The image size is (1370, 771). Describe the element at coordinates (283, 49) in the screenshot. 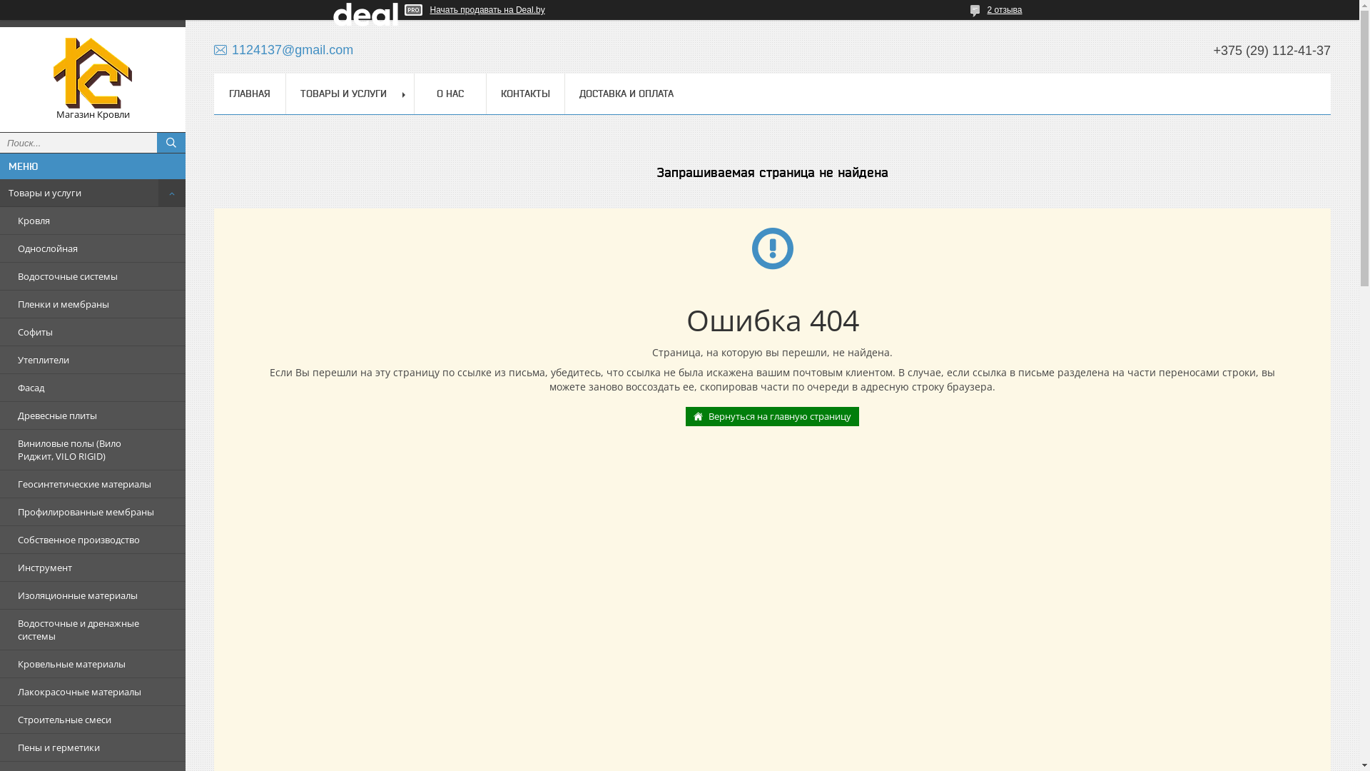

I see `'1124137@gmail.com'` at that location.